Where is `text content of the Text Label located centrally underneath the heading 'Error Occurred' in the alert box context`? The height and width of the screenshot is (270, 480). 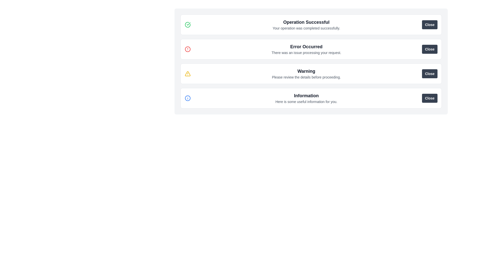 text content of the Text Label located centrally underneath the heading 'Error Occurred' in the alert box context is located at coordinates (306, 53).